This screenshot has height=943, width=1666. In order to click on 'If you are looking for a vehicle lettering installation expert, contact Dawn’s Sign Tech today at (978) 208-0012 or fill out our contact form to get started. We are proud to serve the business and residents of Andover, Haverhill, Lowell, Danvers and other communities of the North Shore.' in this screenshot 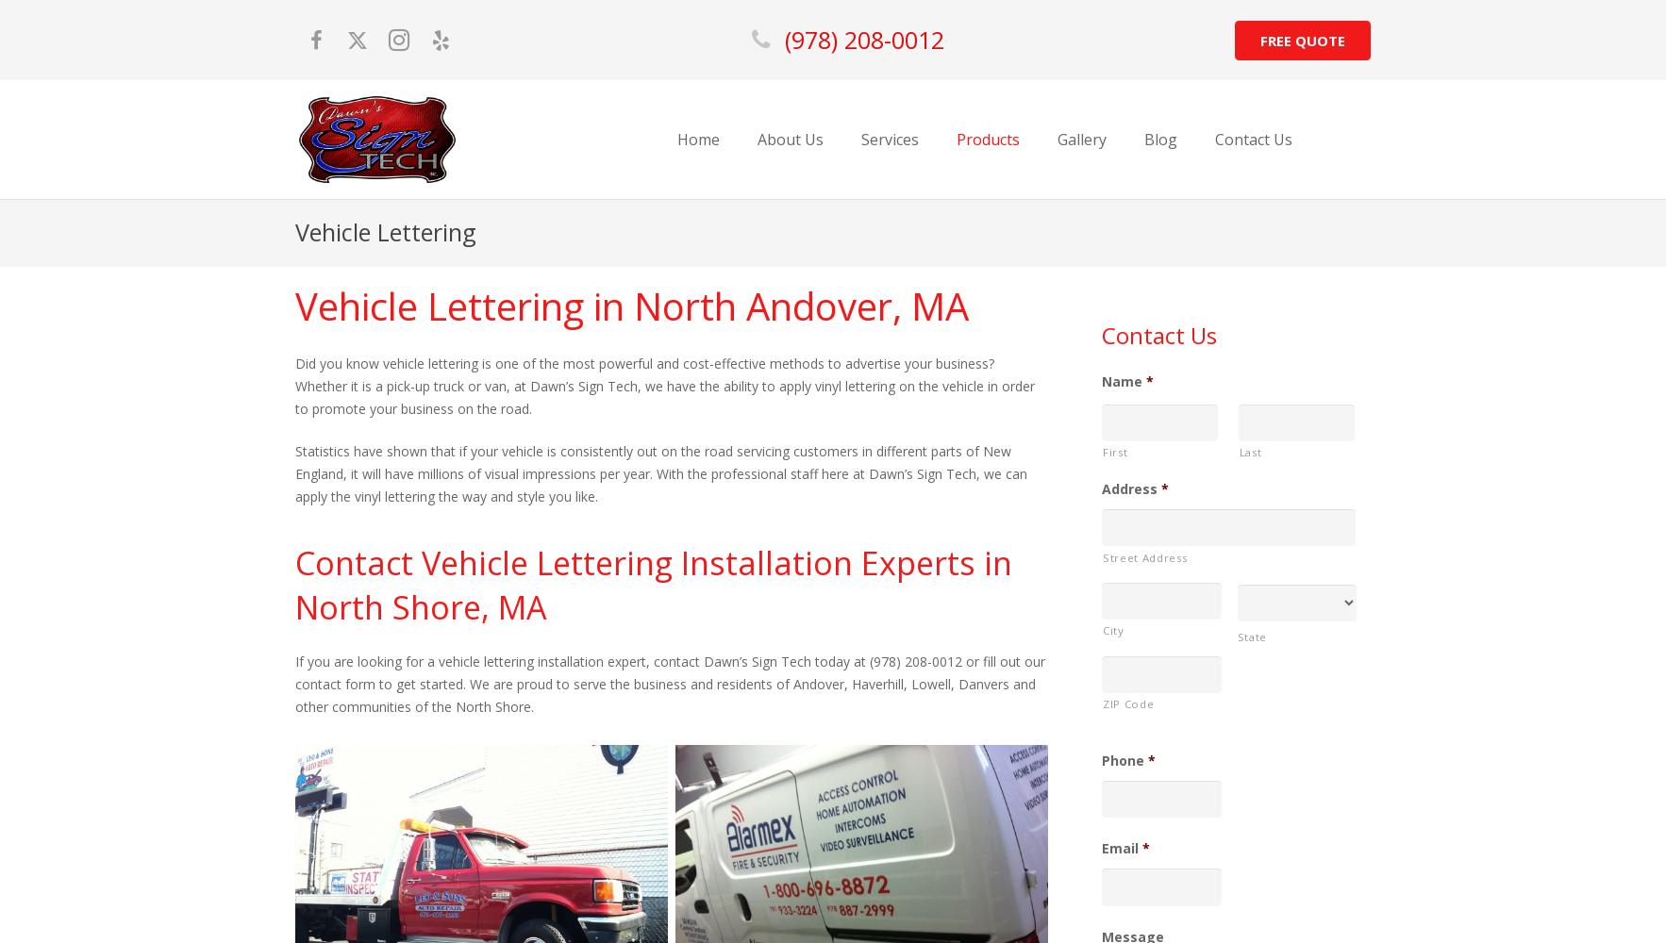, I will do `click(293, 682)`.